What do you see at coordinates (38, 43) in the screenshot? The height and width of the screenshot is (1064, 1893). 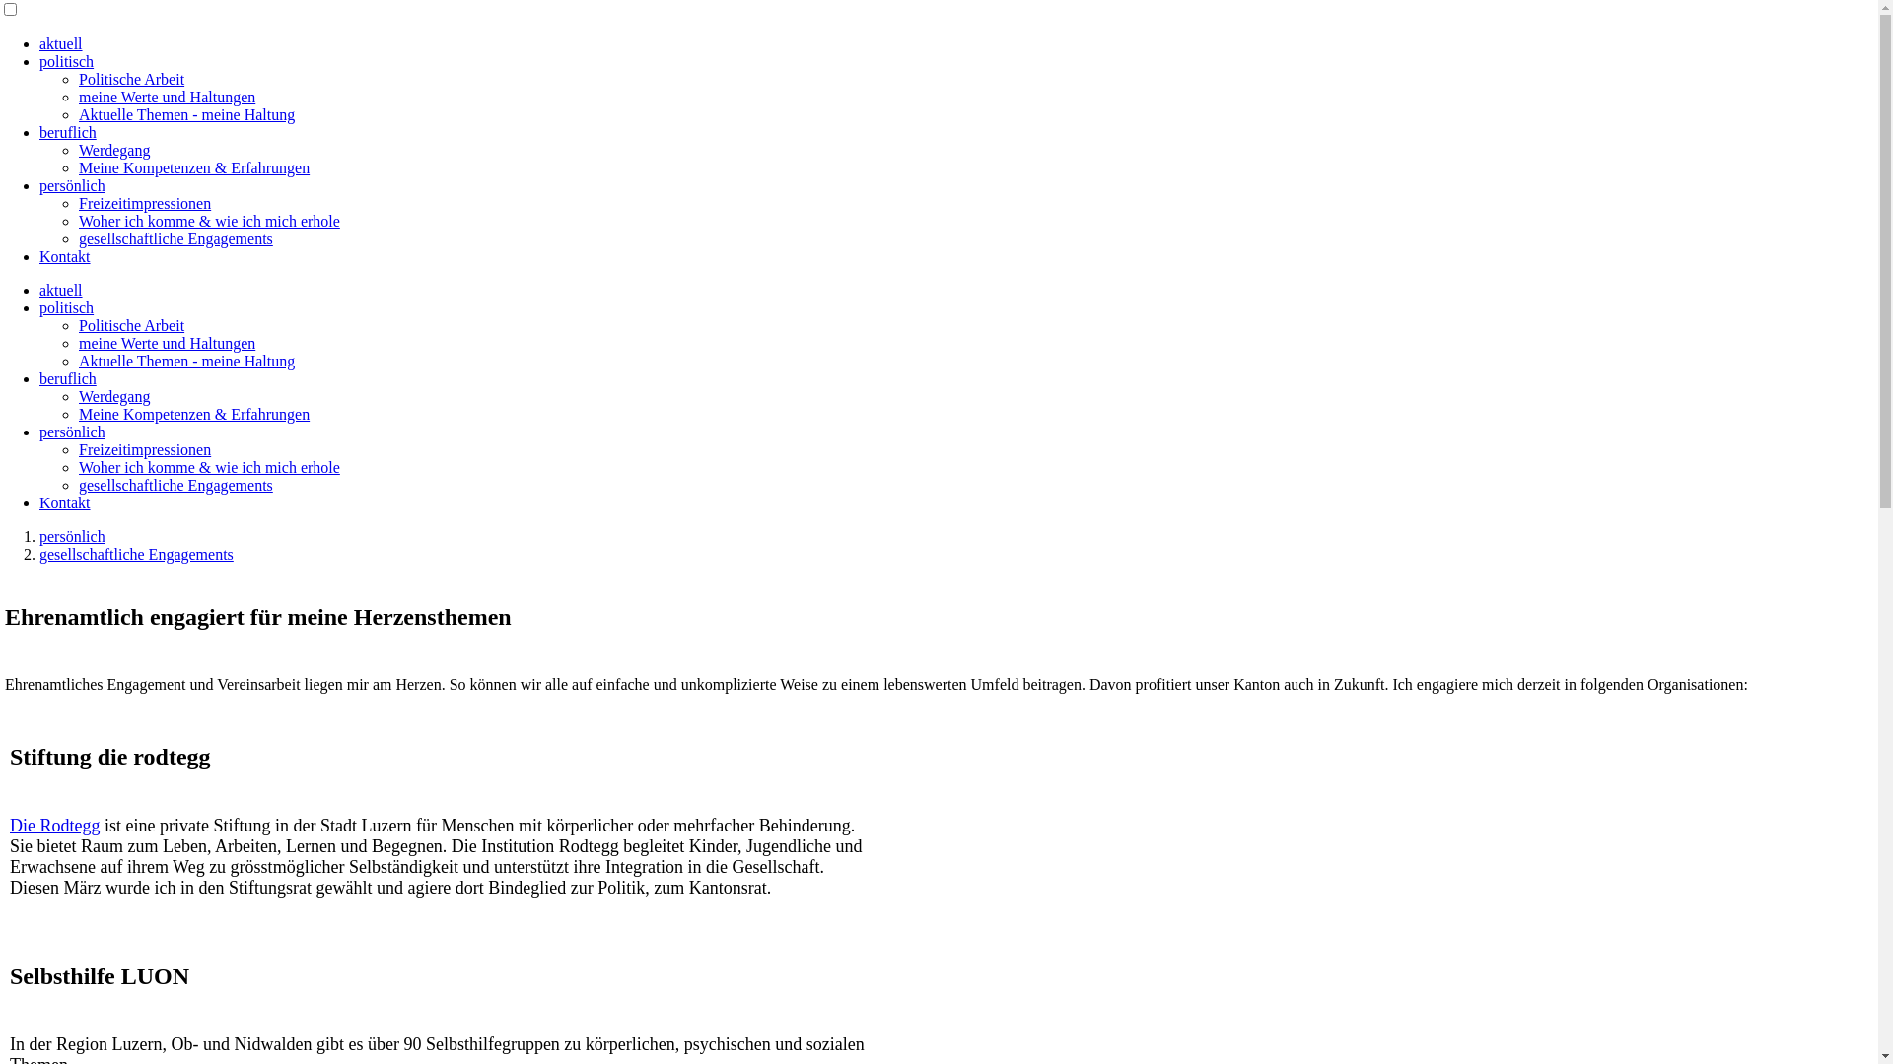 I see `'aktuell'` at bounding box center [38, 43].